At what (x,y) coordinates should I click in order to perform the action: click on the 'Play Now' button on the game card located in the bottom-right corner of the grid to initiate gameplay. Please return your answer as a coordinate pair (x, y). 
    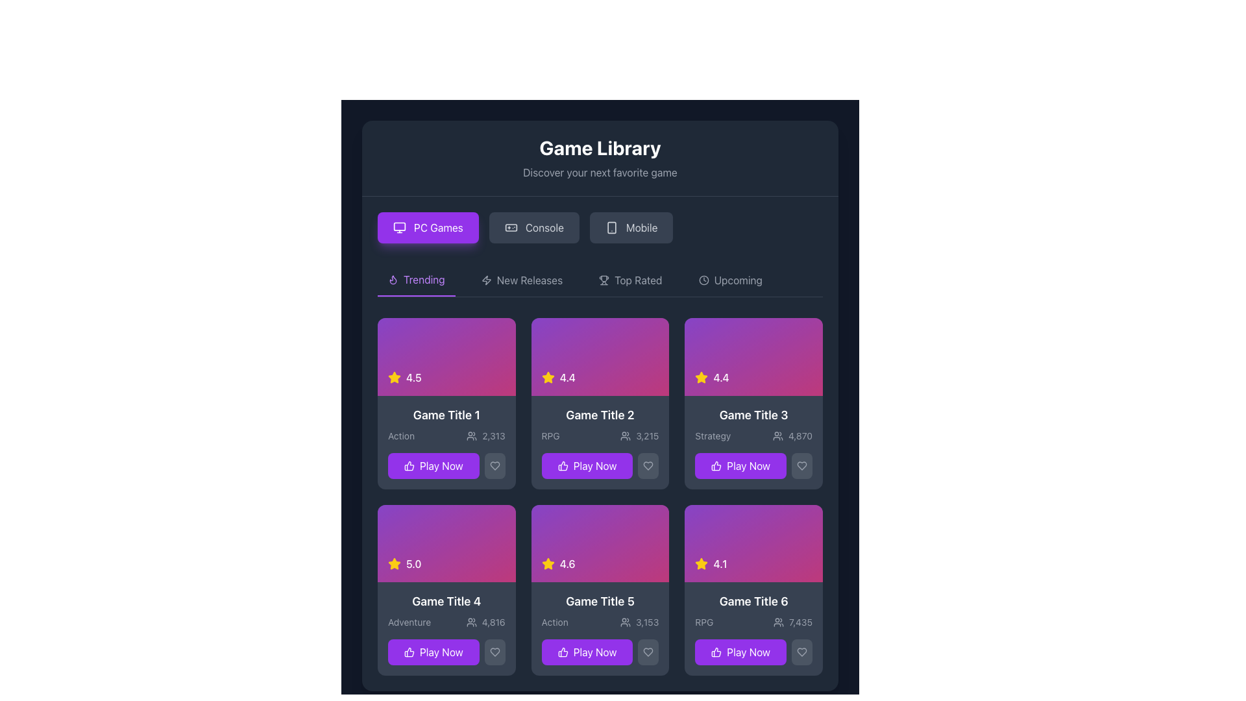
    Looking at the image, I should click on (753, 628).